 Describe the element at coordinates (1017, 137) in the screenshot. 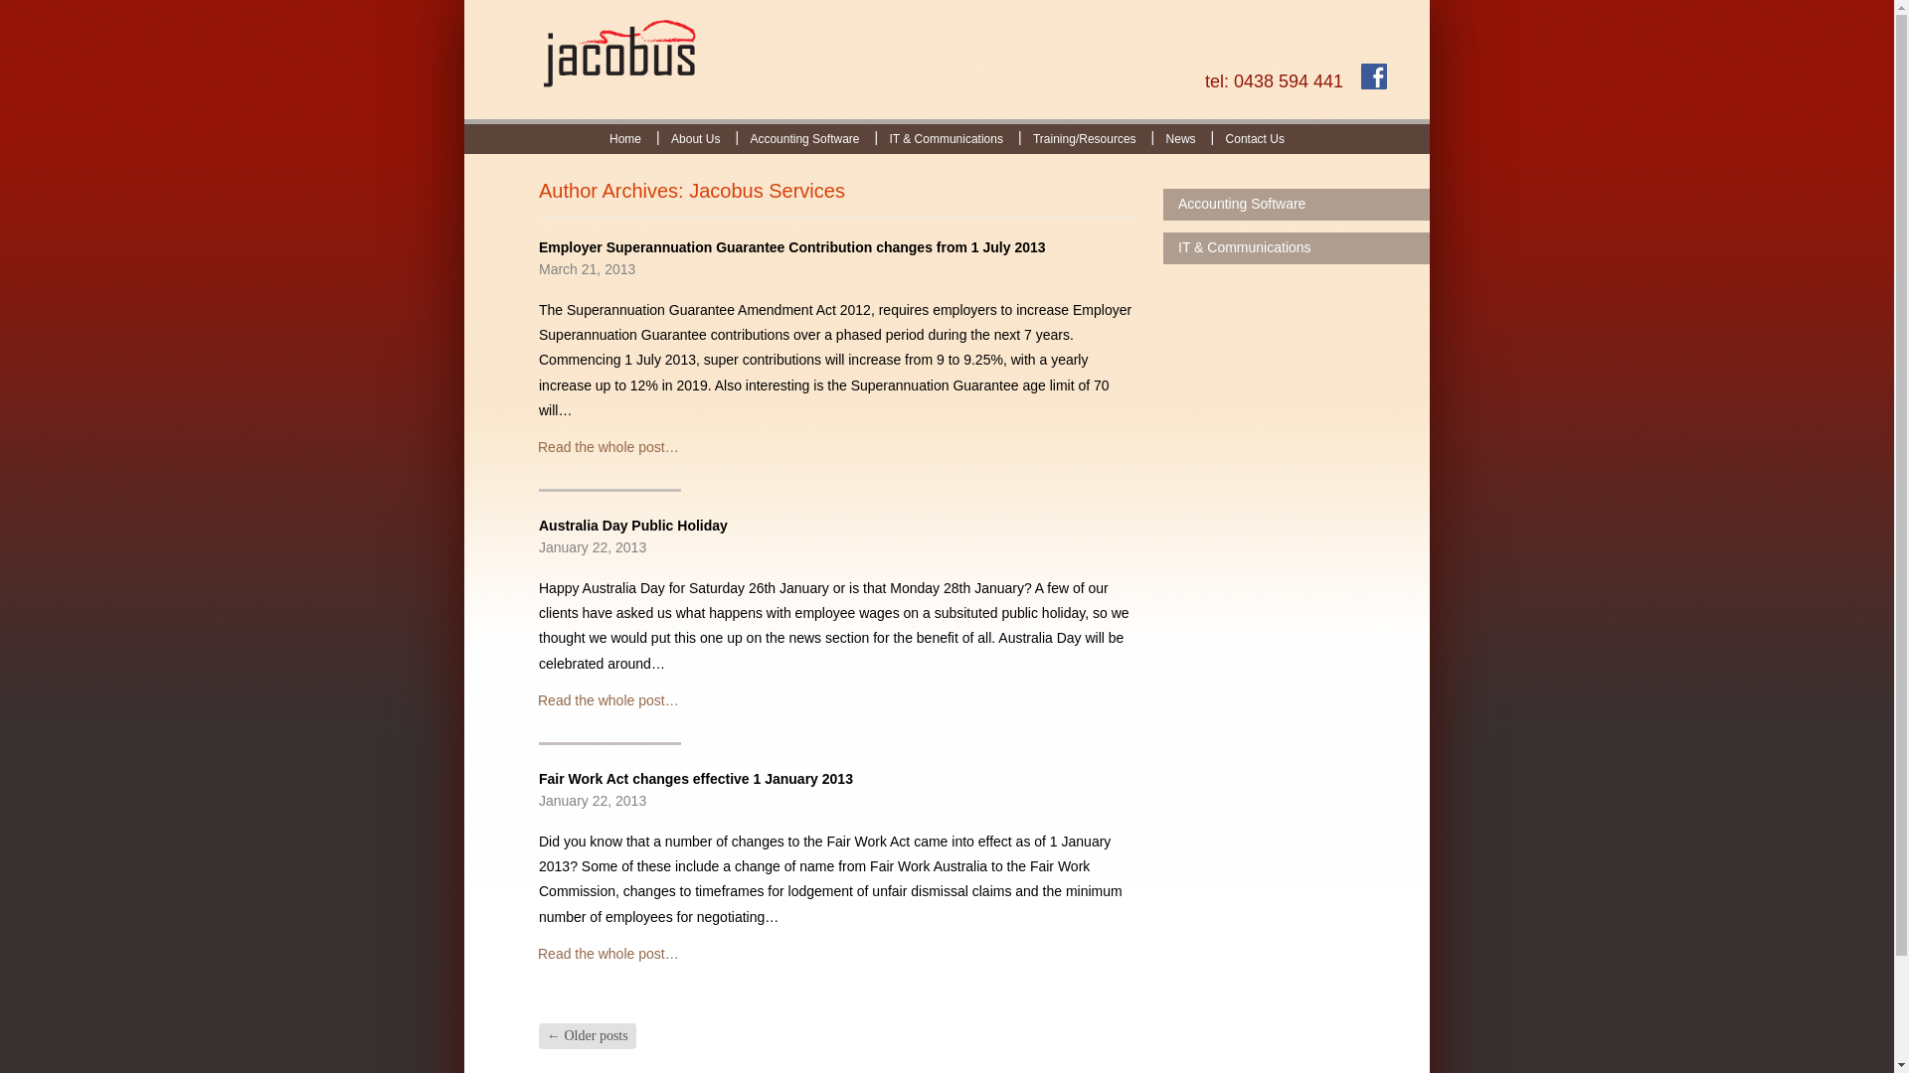

I see `'Training/Resources'` at that location.